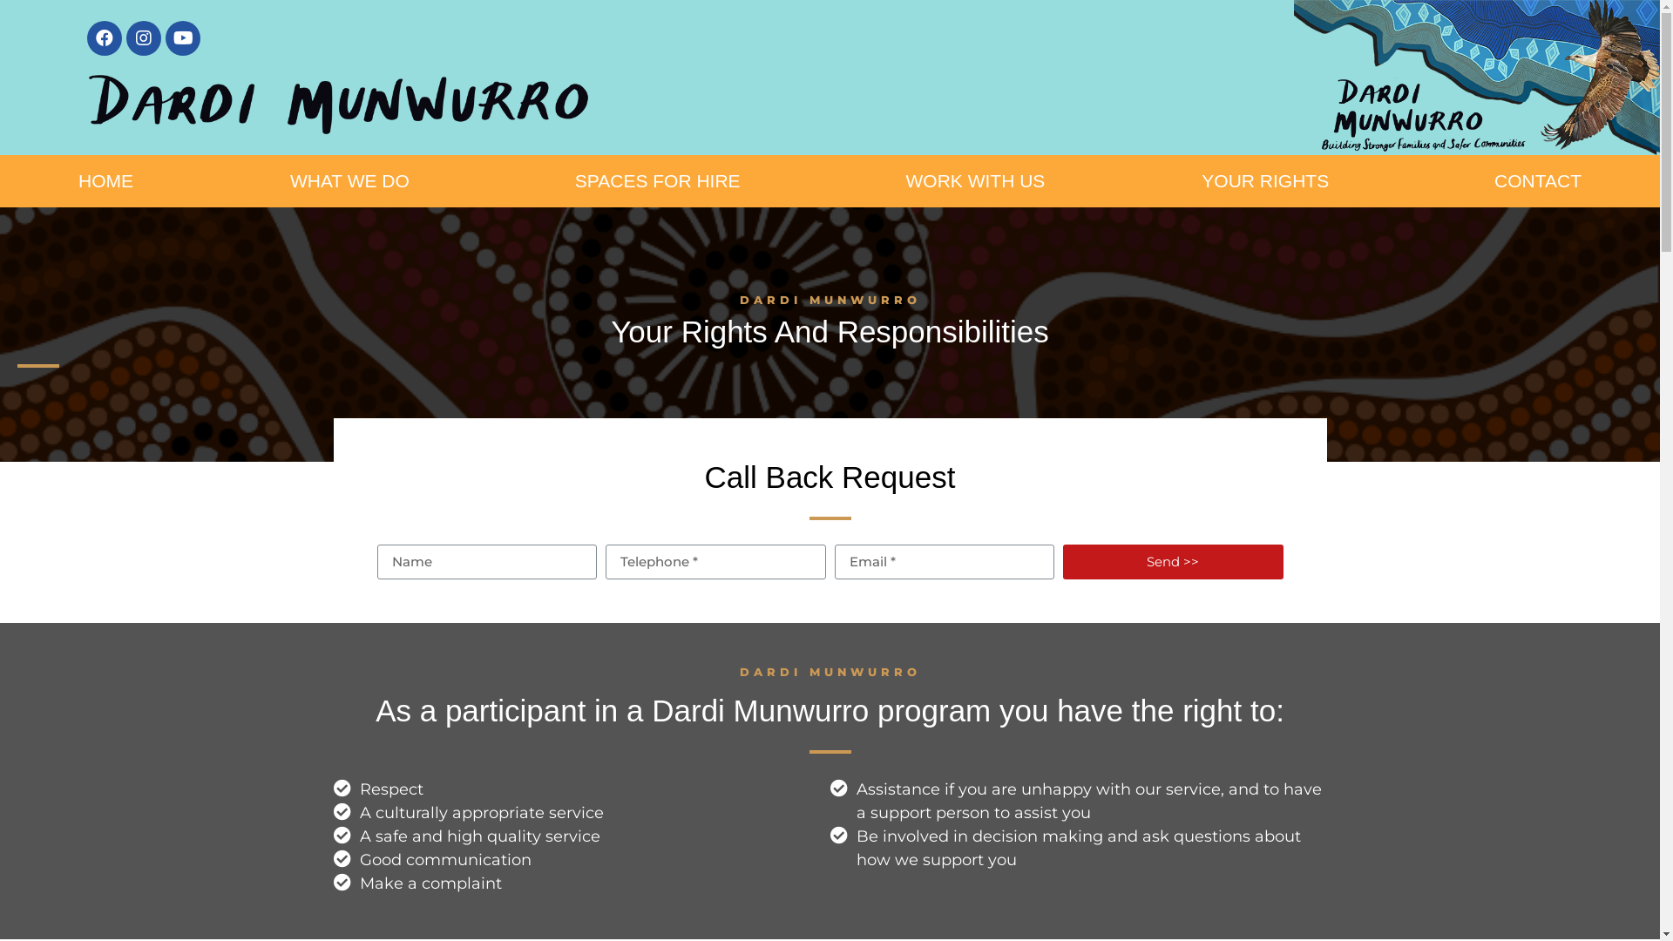  Describe the element at coordinates (1173, 561) in the screenshot. I see `'Send >>'` at that location.